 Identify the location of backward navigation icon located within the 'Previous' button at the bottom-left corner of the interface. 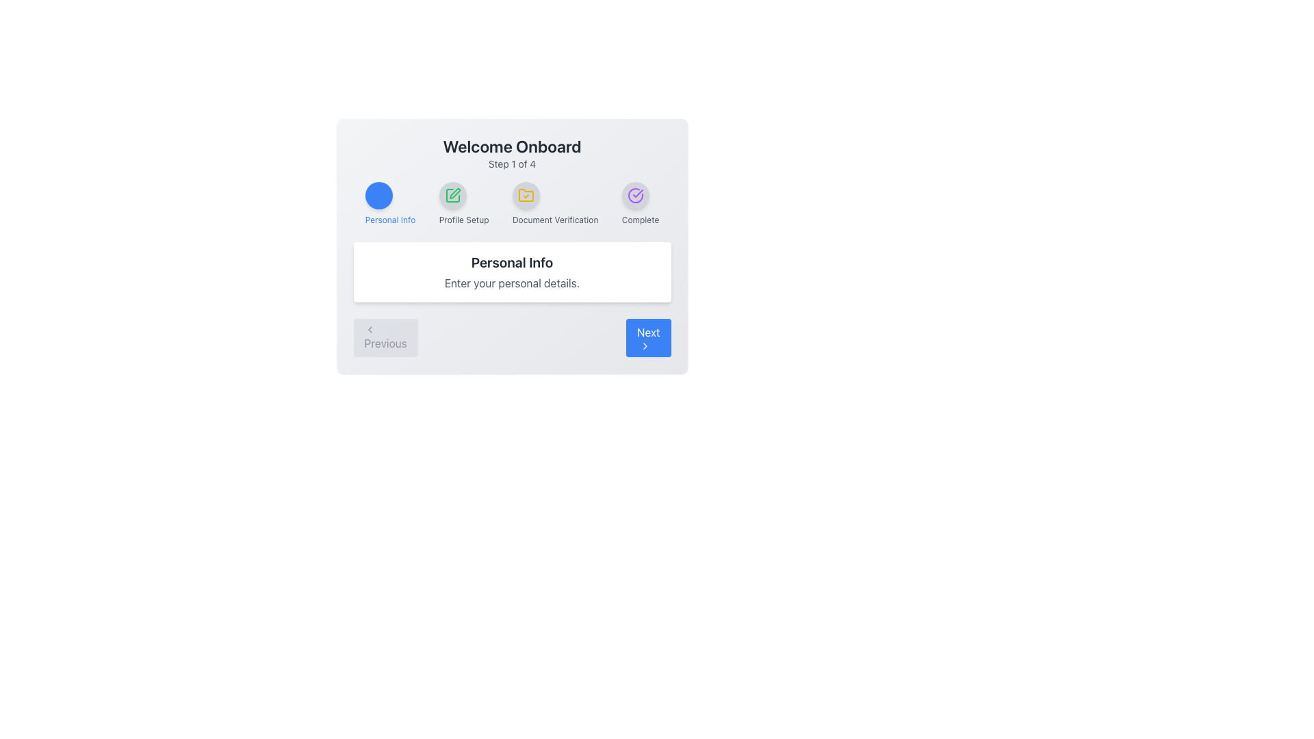
(370, 330).